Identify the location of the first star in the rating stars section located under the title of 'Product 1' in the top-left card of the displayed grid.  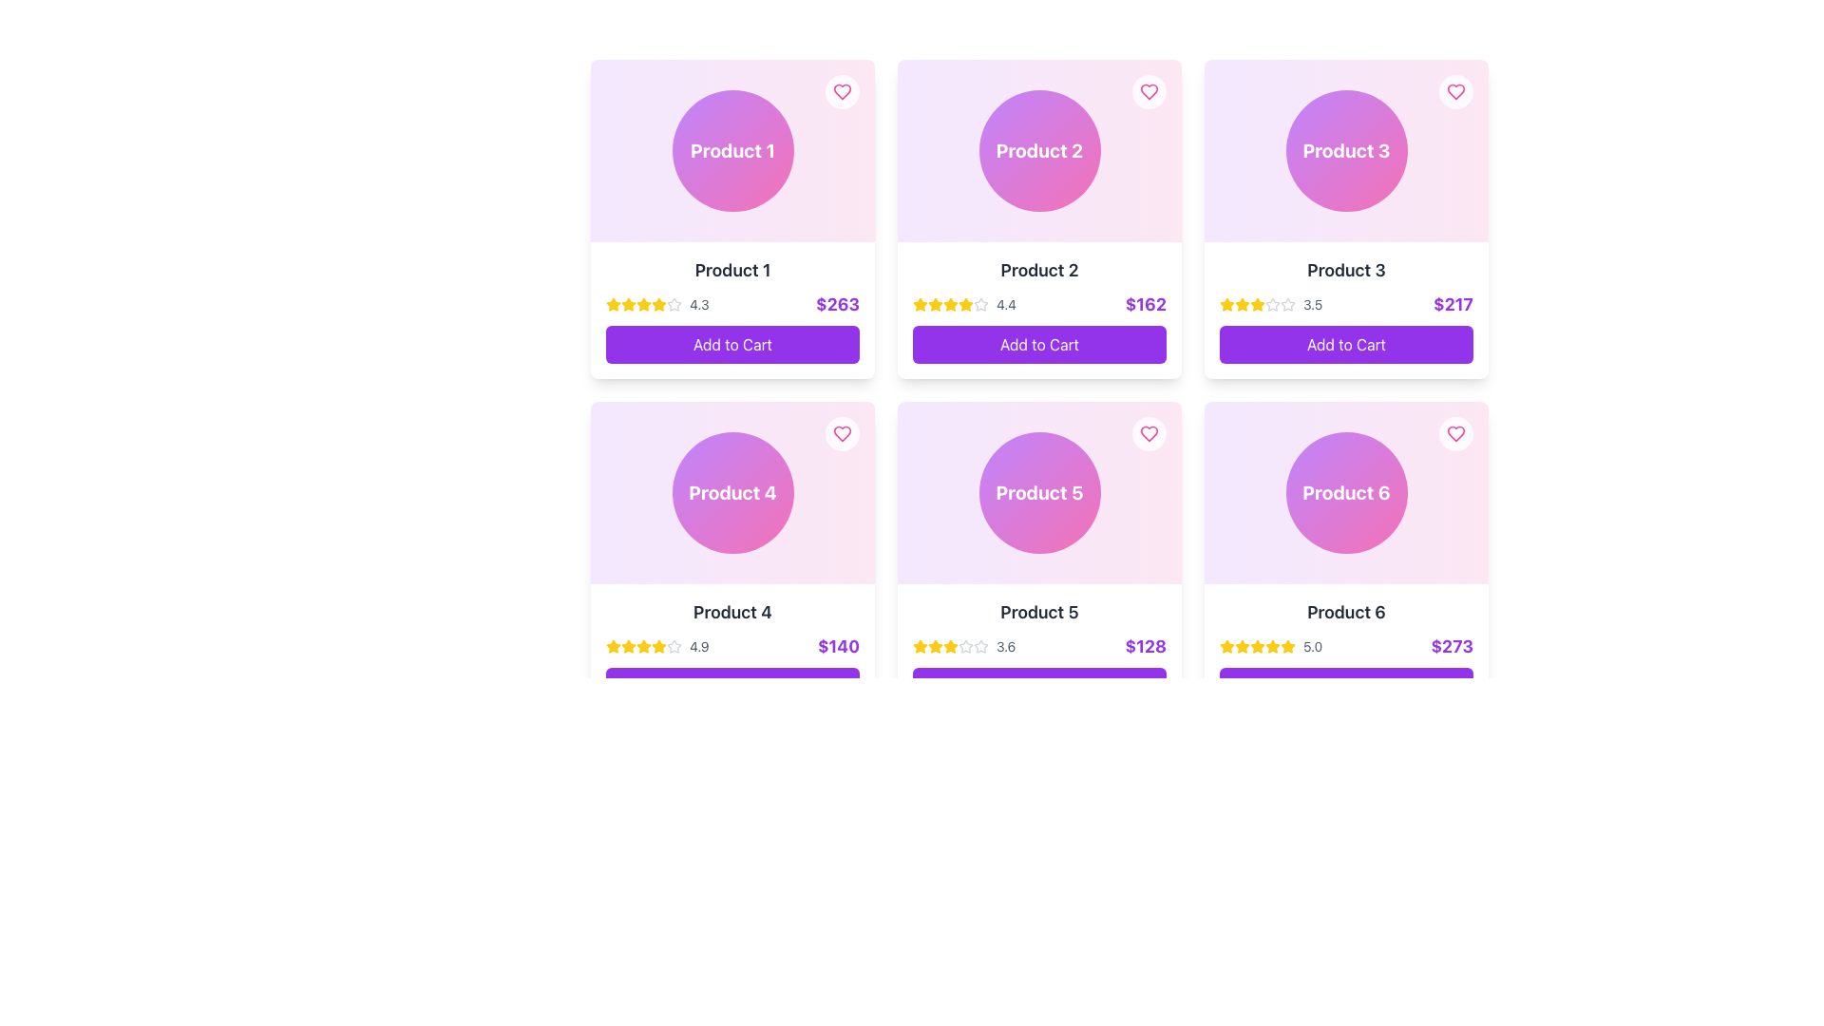
(659, 303).